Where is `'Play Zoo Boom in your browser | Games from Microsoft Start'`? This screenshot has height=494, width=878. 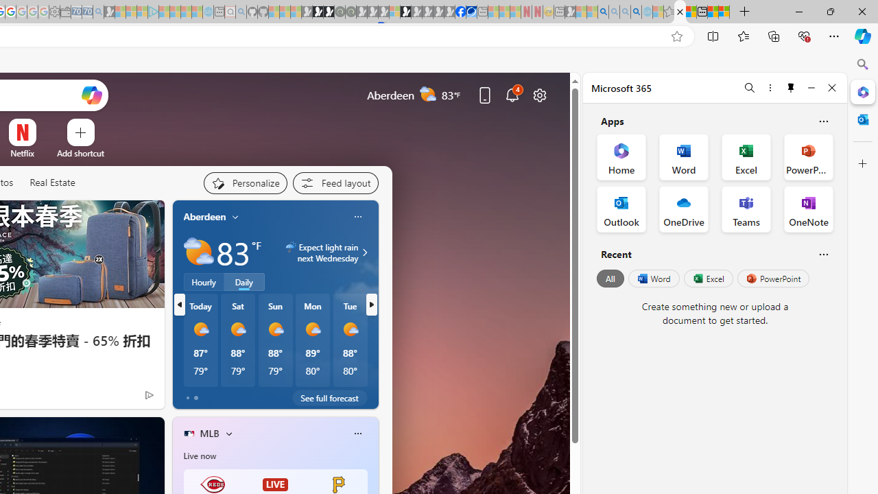 'Play Zoo Boom in your browser | Games from Microsoft Start' is located at coordinates (317, 12).